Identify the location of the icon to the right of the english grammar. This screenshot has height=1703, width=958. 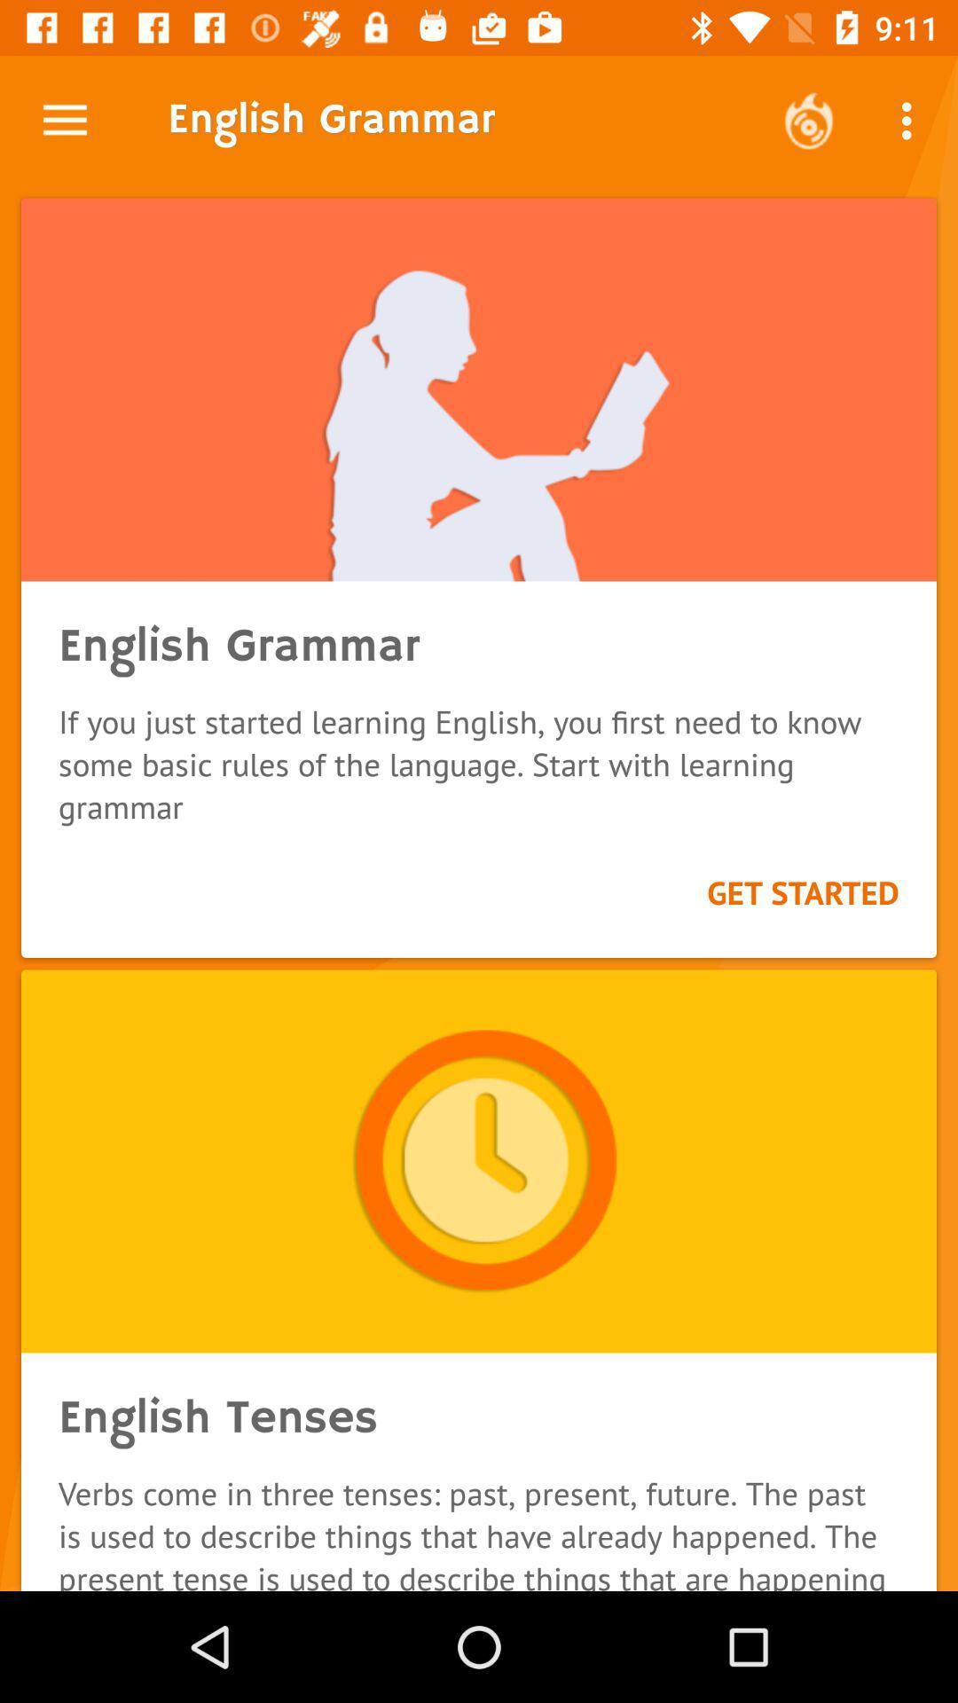
(808, 120).